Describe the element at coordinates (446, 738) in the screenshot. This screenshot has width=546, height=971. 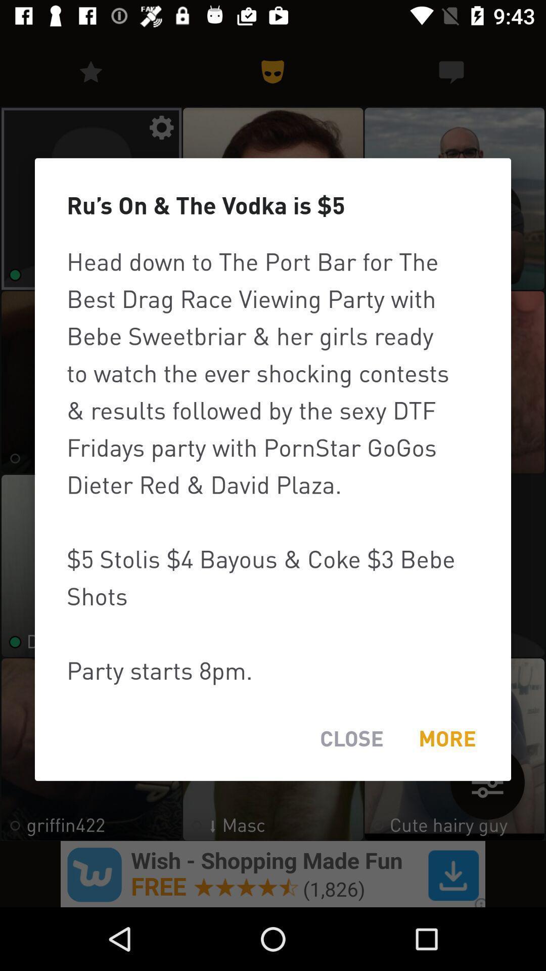
I see `item below head down to item` at that location.